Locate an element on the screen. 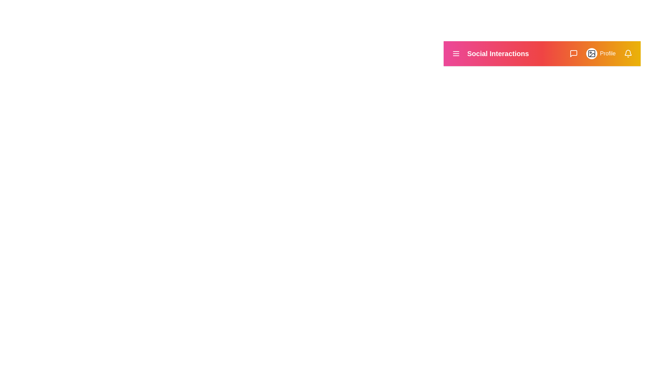 Image resolution: width=666 pixels, height=374 pixels. the navigation menu icon is located at coordinates (456, 53).